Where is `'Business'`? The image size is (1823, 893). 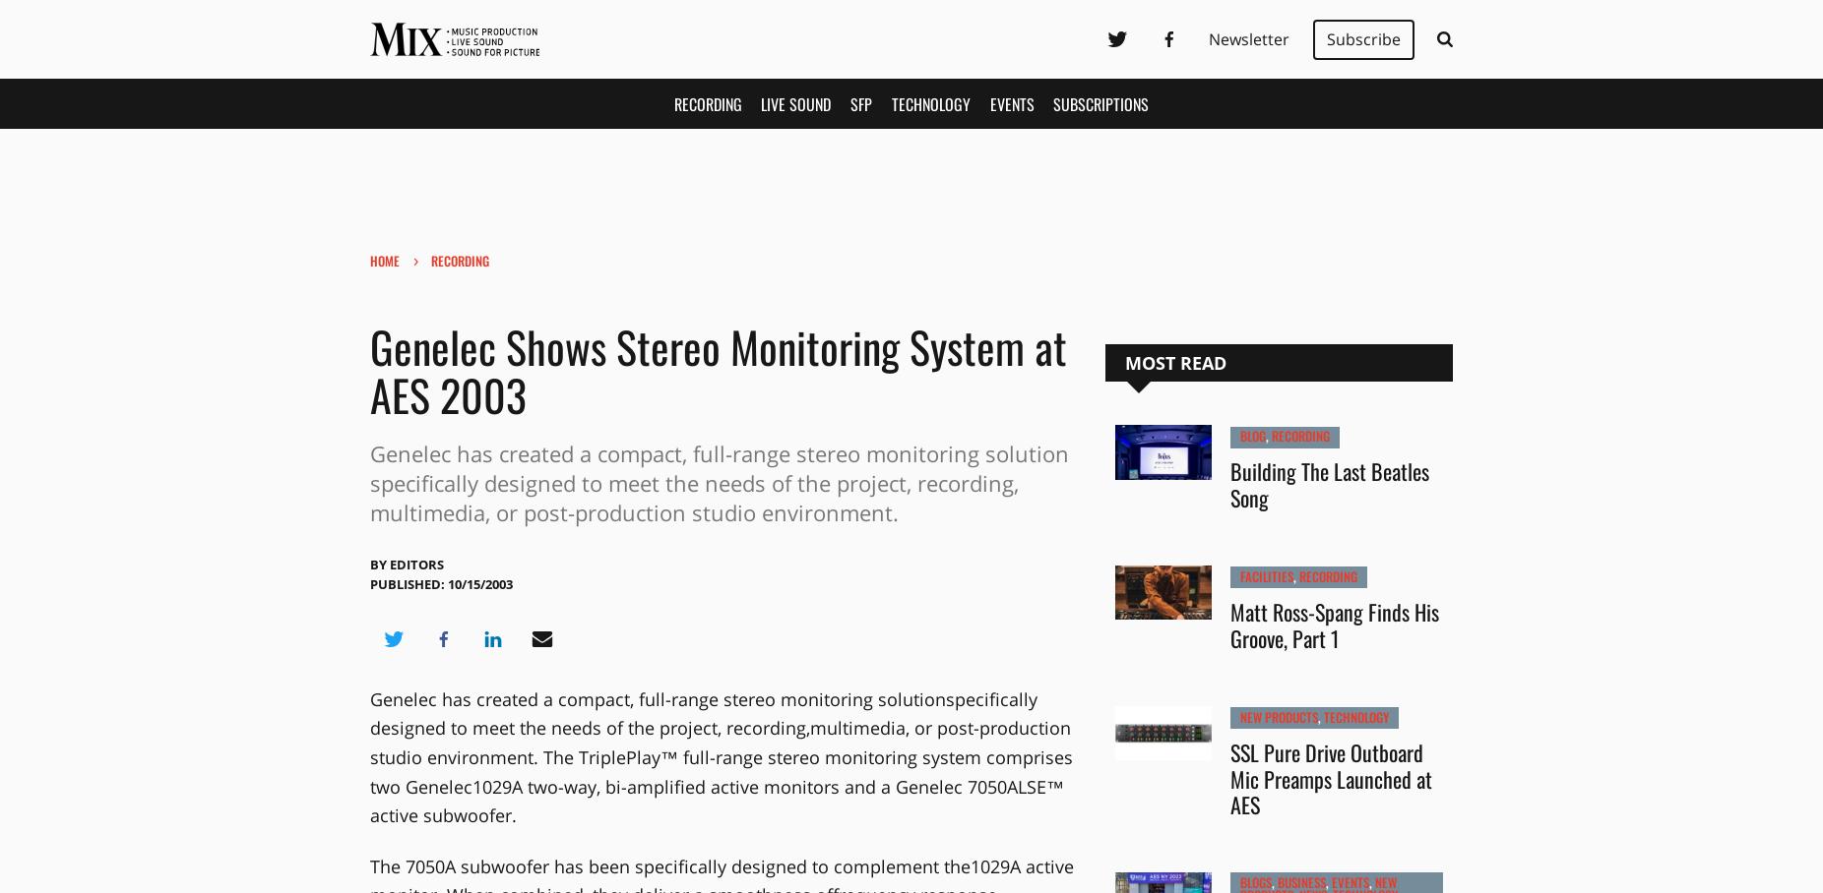 'Business' is located at coordinates (1301, 881).